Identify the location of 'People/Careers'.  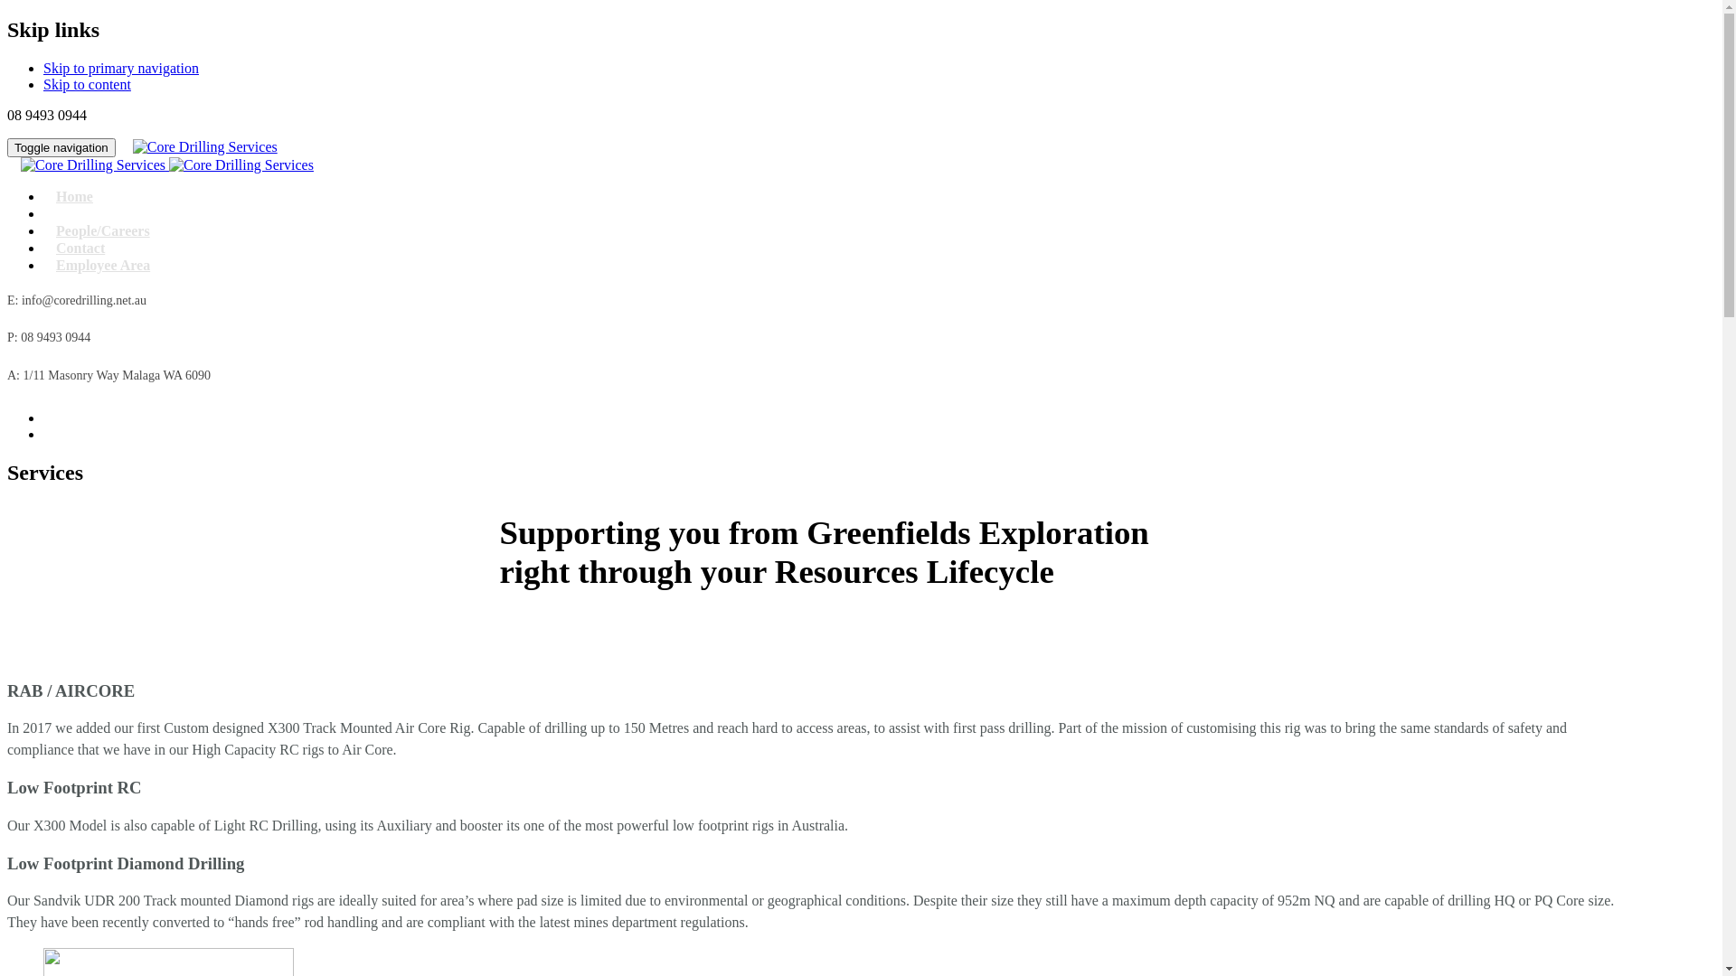
(102, 230).